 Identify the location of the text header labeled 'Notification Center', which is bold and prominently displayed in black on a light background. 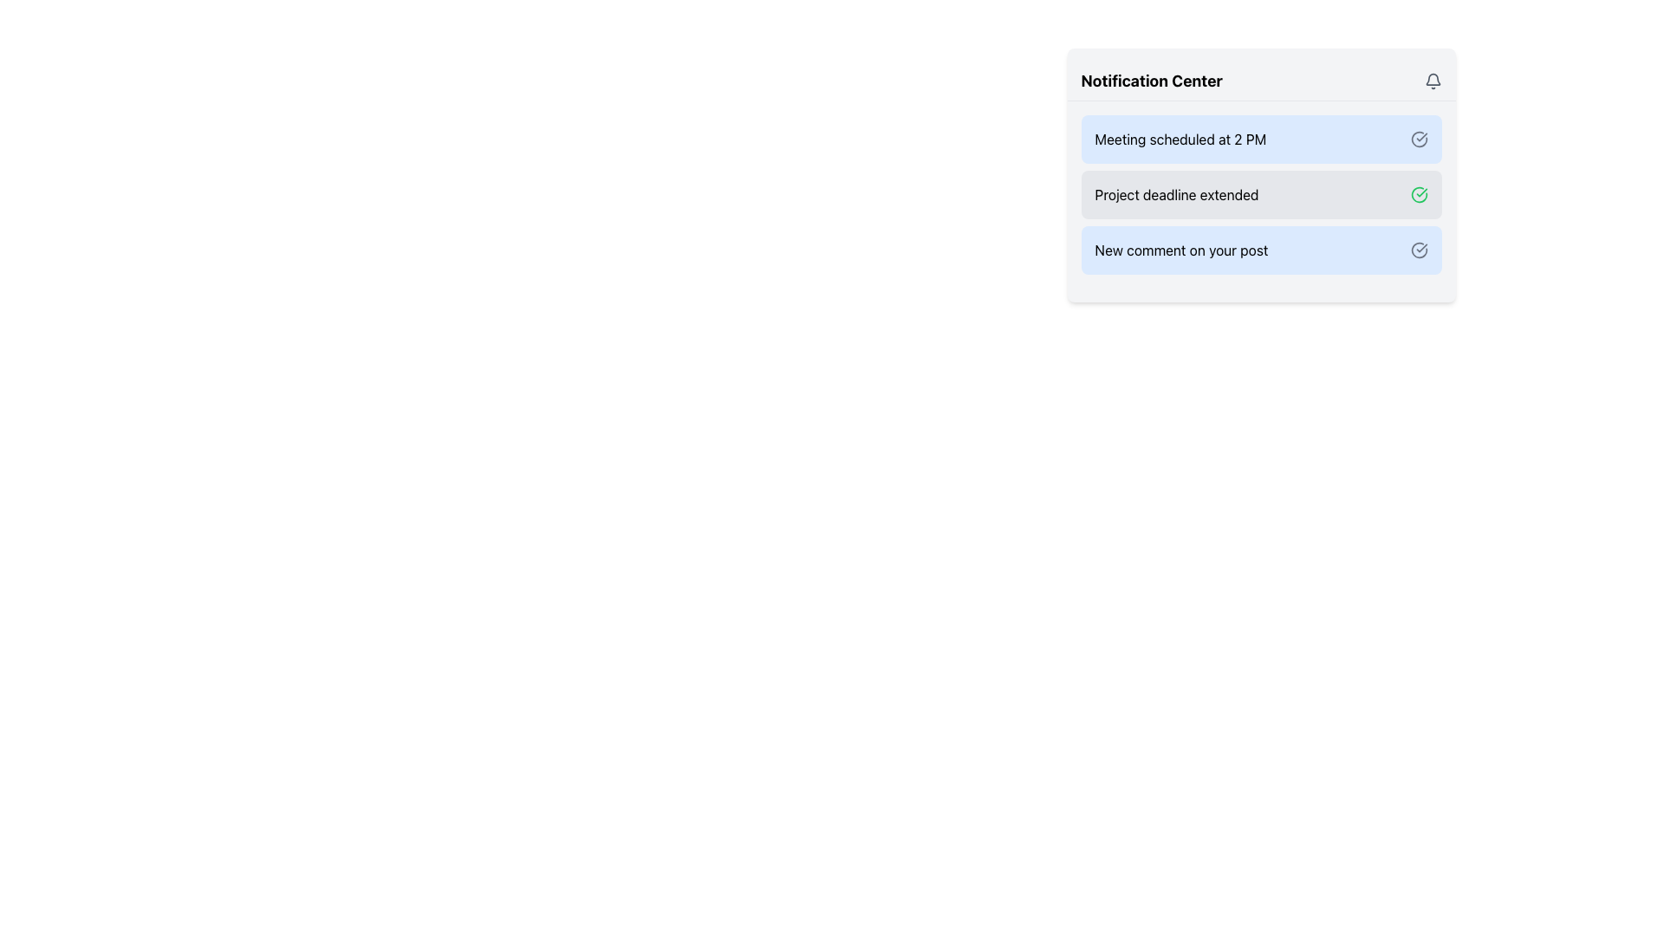
(1152, 81).